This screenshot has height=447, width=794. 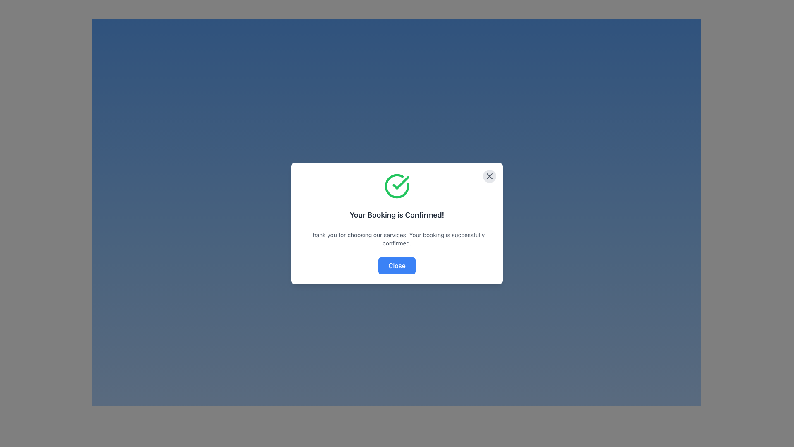 What do you see at coordinates (397, 265) in the screenshot?
I see `the close button located at the bottom-center of the modal dialog` at bounding box center [397, 265].